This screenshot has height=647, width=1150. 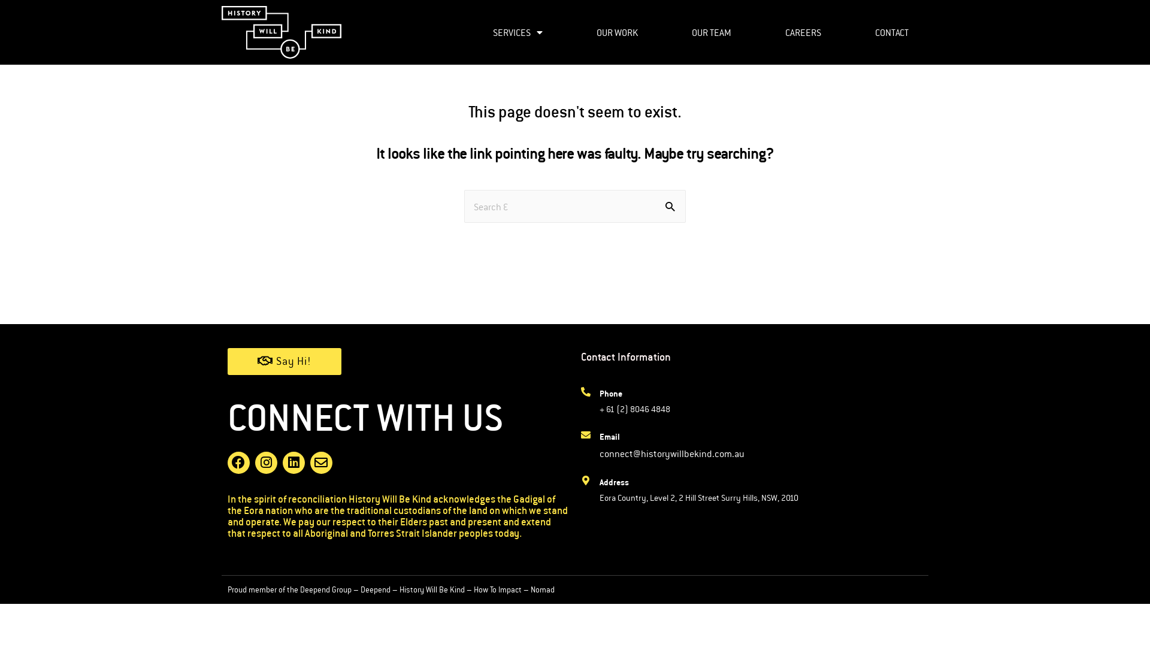 I want to click on 'Phone', so click(x=600, y=393).